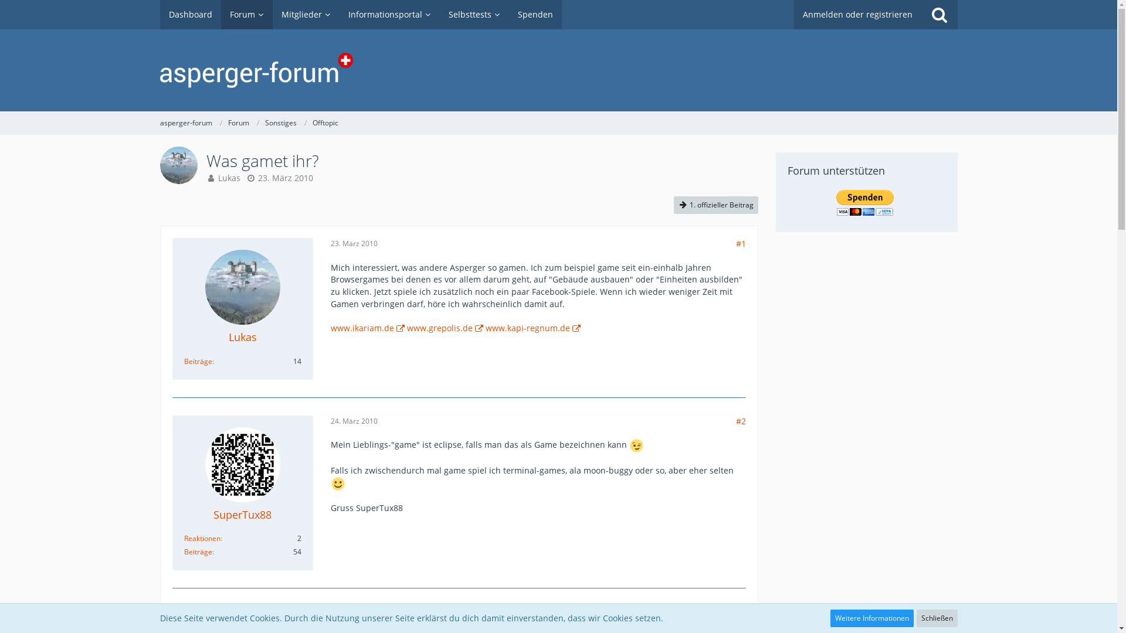 The image size is (1126, 633). I want to click on '1. offizieller Beitrag', so click(714, 205).